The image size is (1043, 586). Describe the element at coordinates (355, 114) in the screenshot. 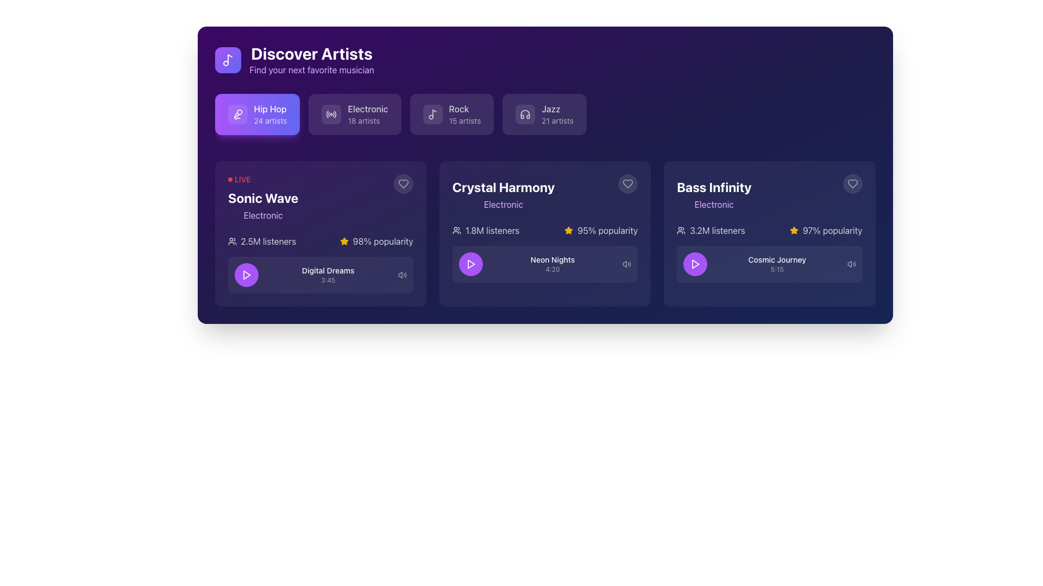

I see `the 'Electronic' category button, which is a rectangular block with a rounded border, featuring an icon of radio waves and the text 'Electronic' and '18 artists'` at that location.